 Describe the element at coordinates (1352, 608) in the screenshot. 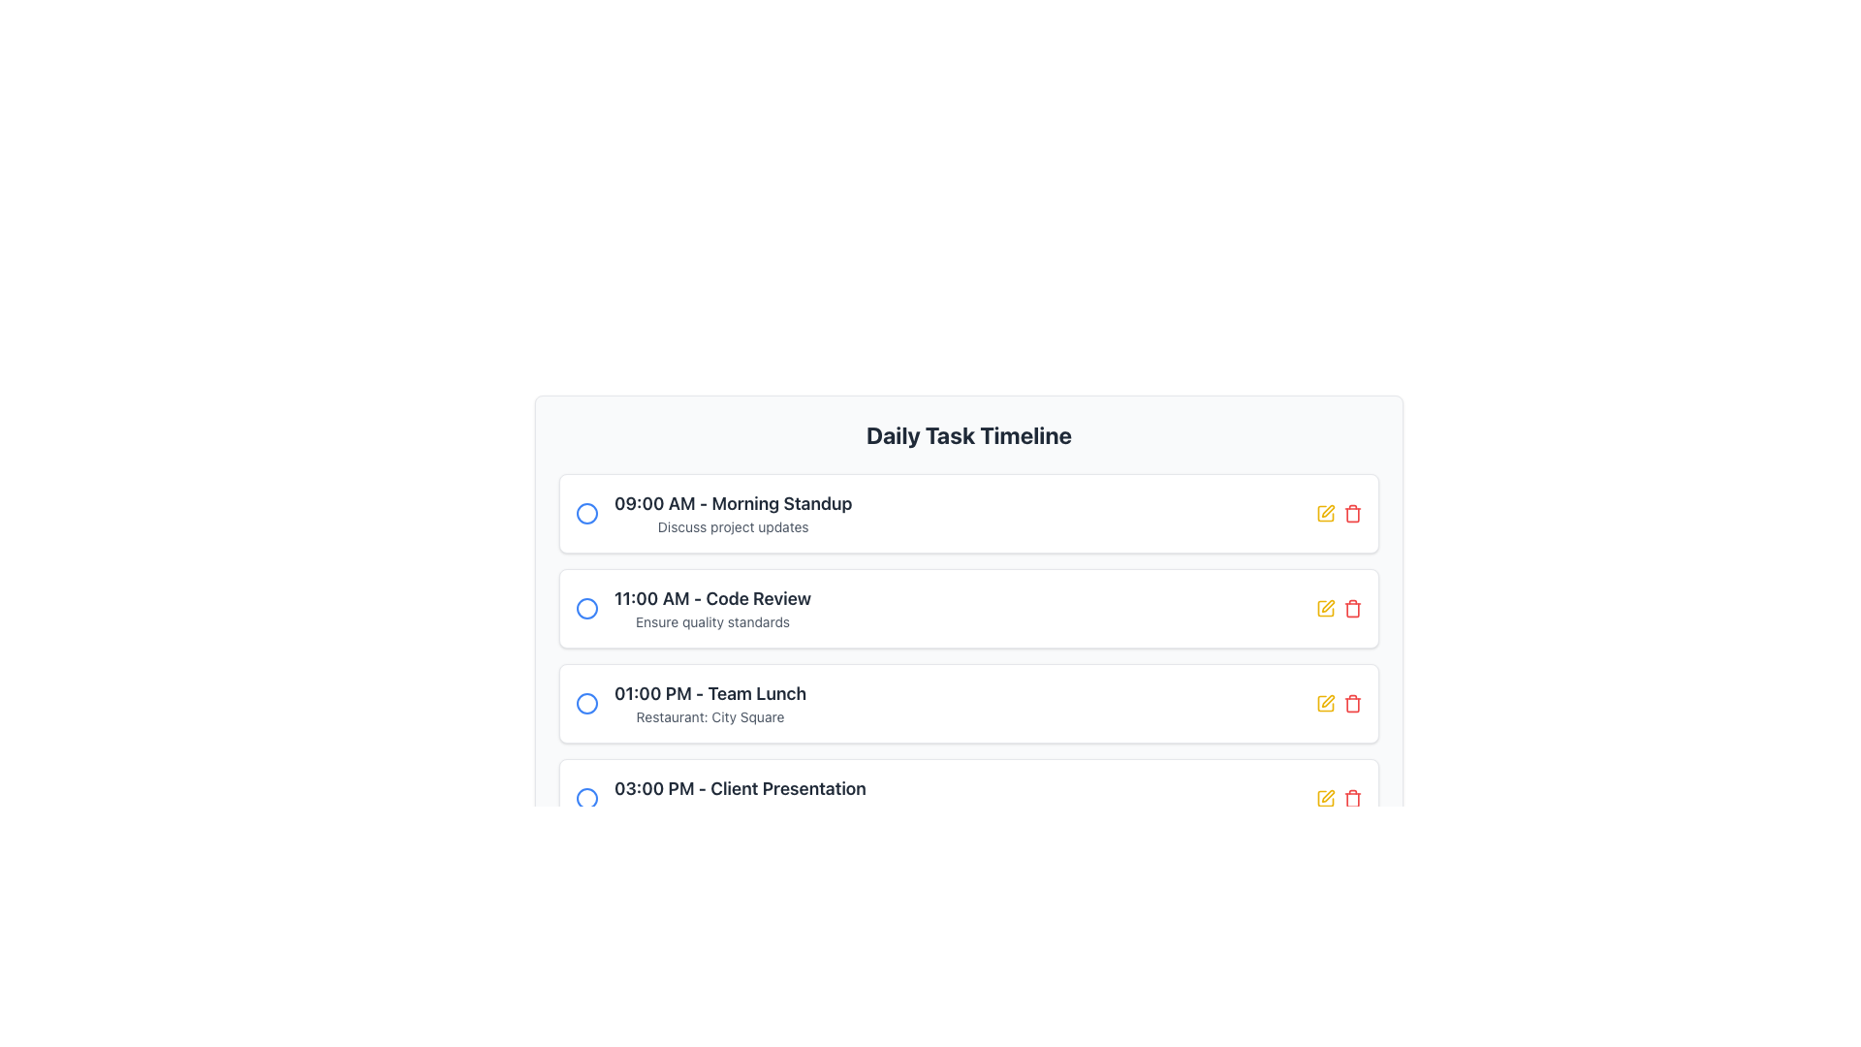

I see `the red trash bin icon, which is the second icon in the horizontal group to the right of the yellow pencil icon` at that location.